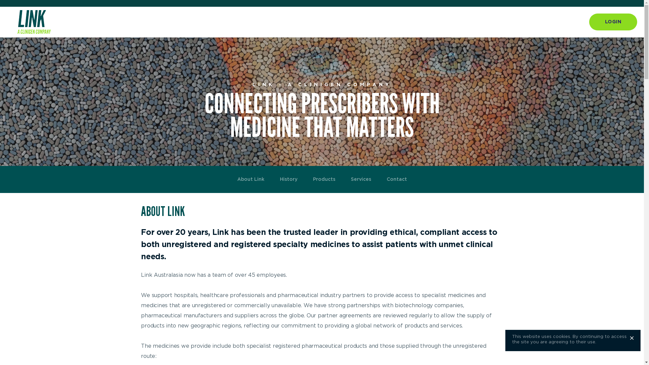  I want to click on 'LOGIN', so click(613, 22).